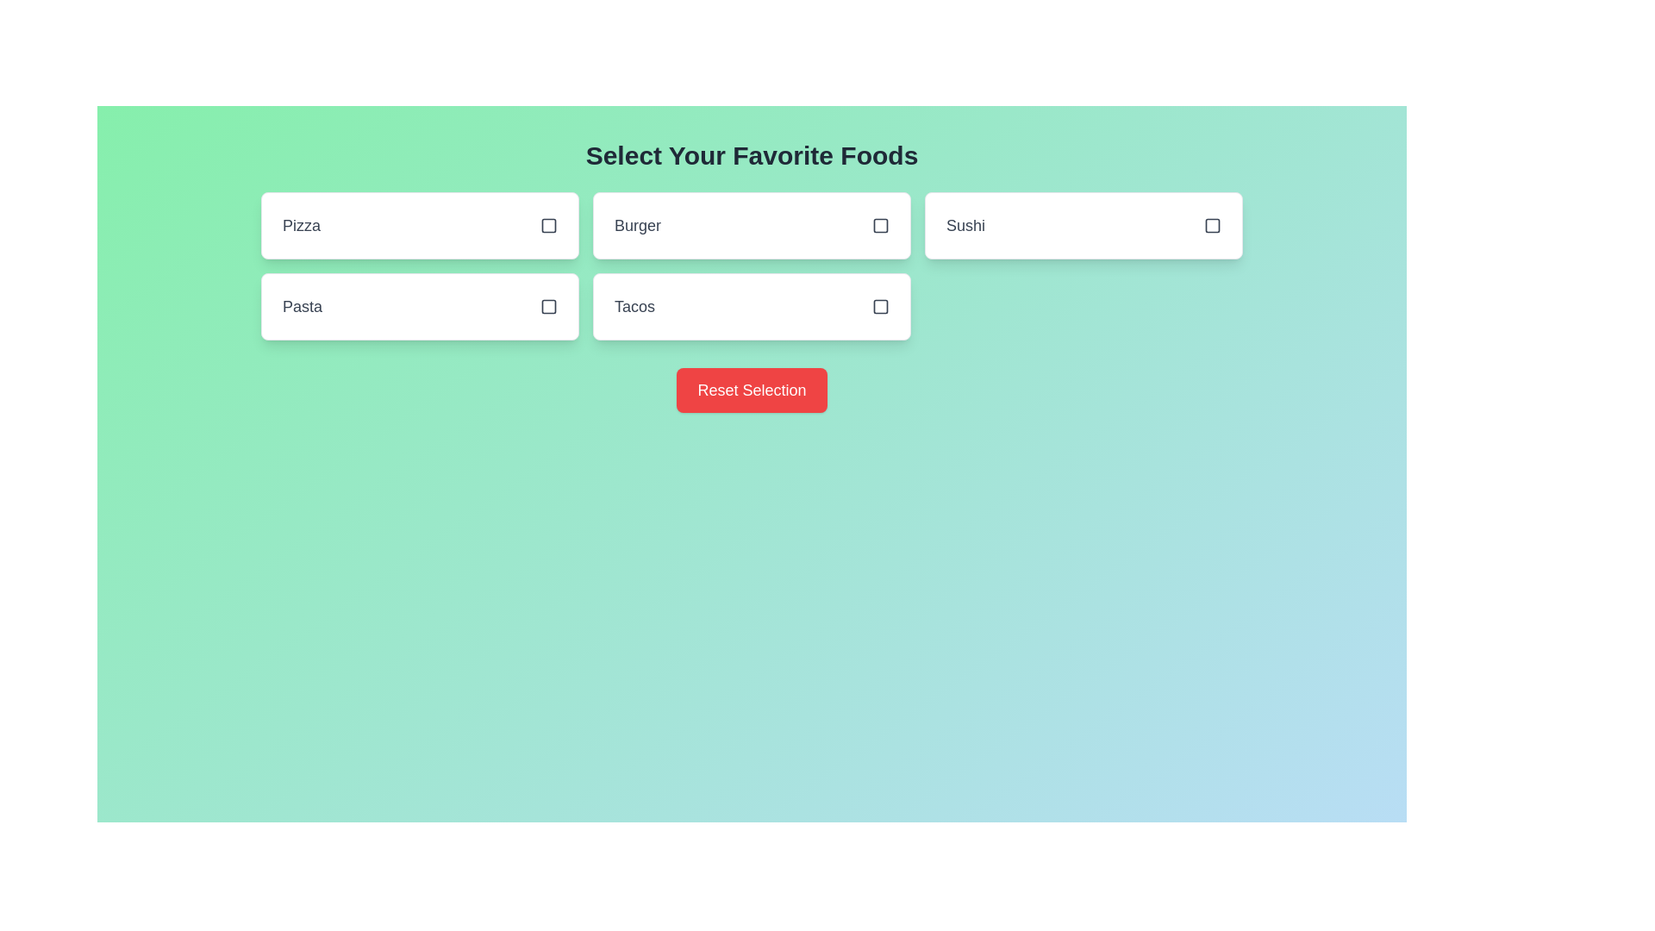 The height and width of the screenshot is (931, 1655). Describe the element at coordinates (419, 225) in the screenshot. I see `the food item Pizza` at that location.